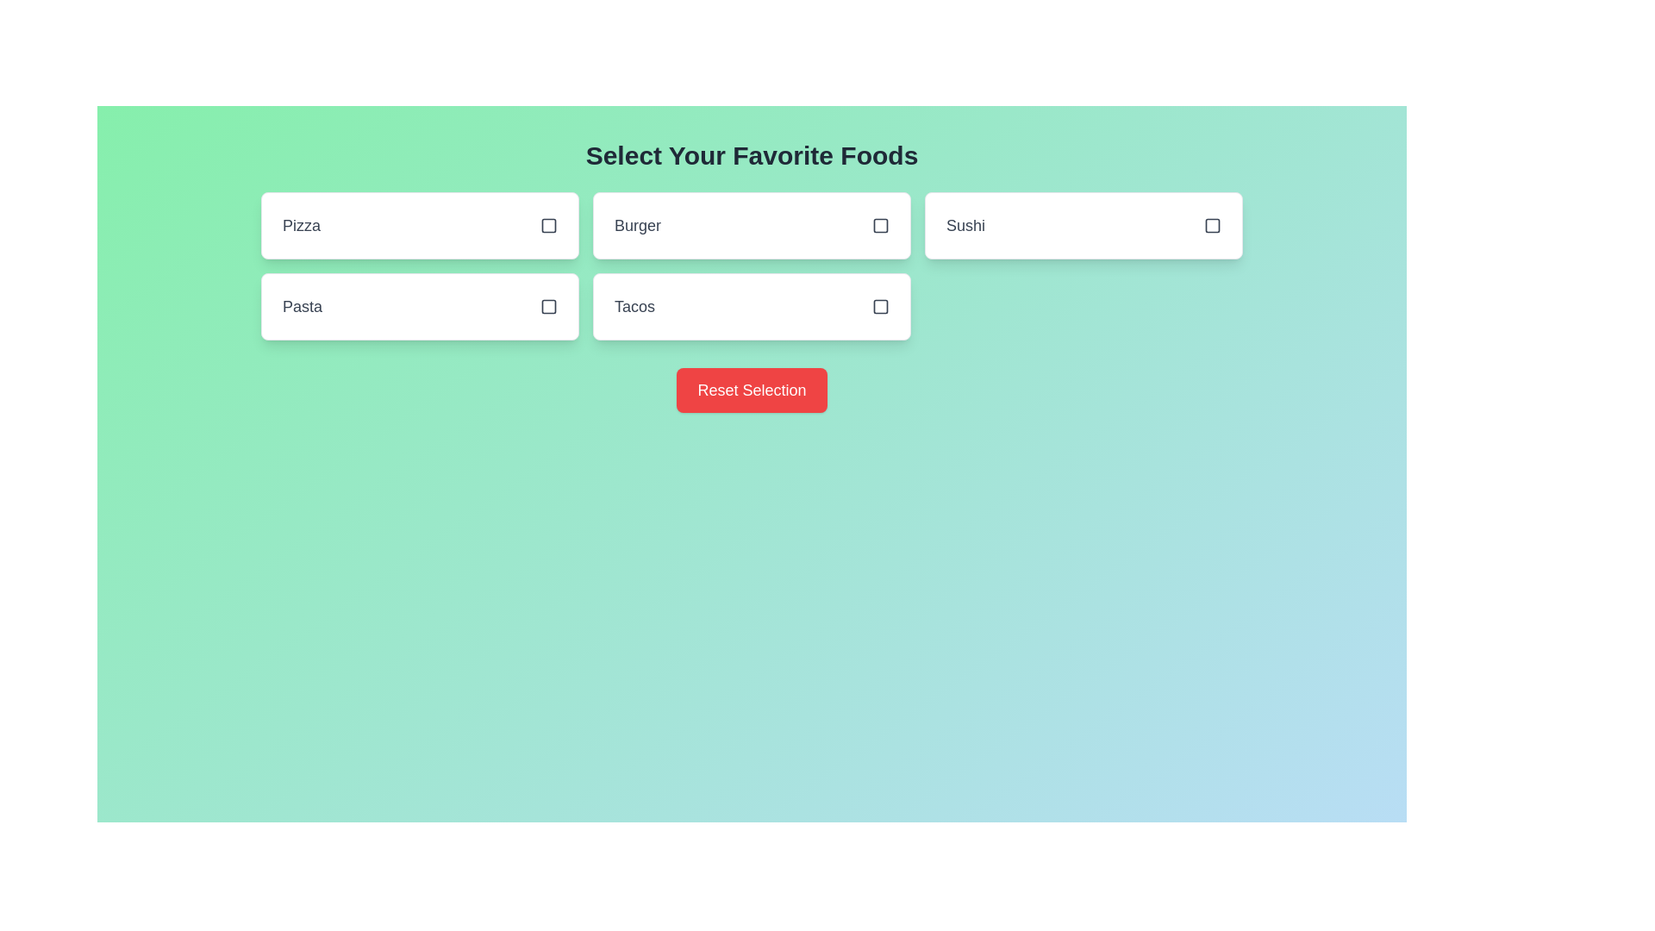 The height and width of the screenshot is (931, 1655). Describe the element at coordinates (419, 225) in the screenshot. I see `the food item Pizza` at that location.